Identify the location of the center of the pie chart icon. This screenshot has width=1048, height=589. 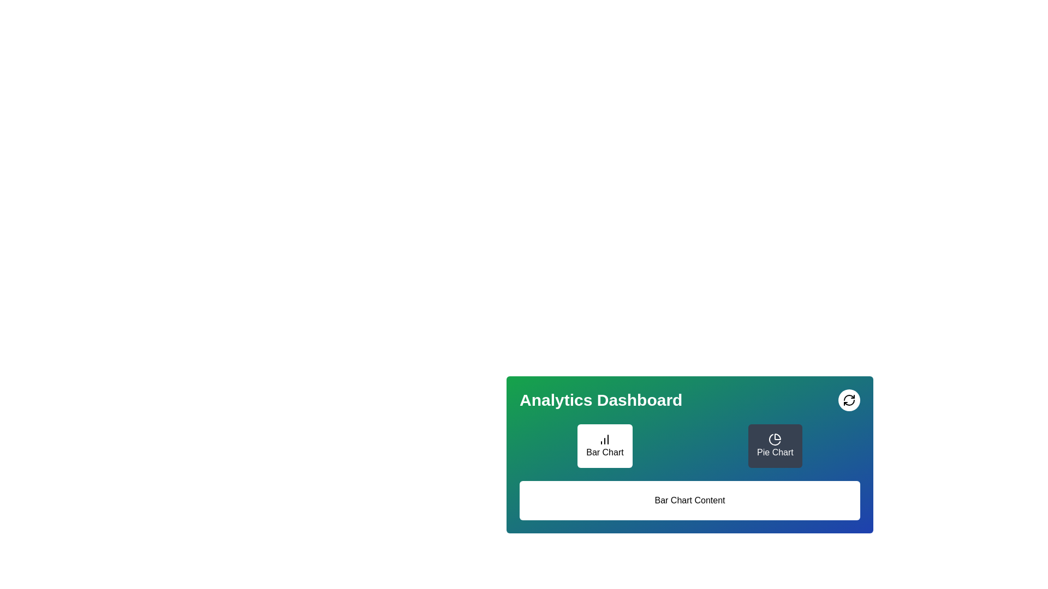
(775, 439).